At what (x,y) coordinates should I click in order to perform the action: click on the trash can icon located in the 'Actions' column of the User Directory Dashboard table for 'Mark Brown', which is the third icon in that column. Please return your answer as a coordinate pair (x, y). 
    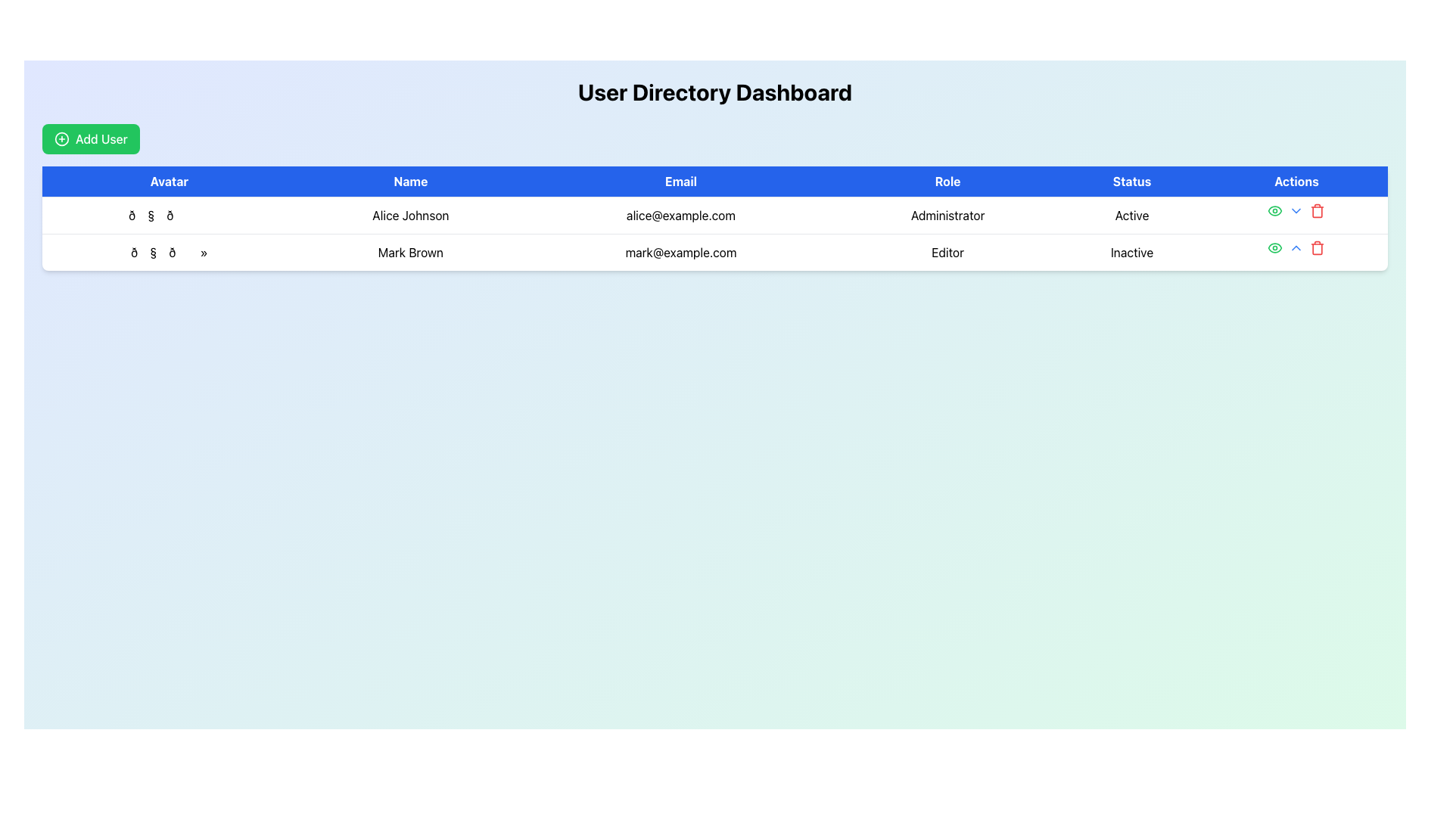
    Looking at the image, I should click on (1317, 247).